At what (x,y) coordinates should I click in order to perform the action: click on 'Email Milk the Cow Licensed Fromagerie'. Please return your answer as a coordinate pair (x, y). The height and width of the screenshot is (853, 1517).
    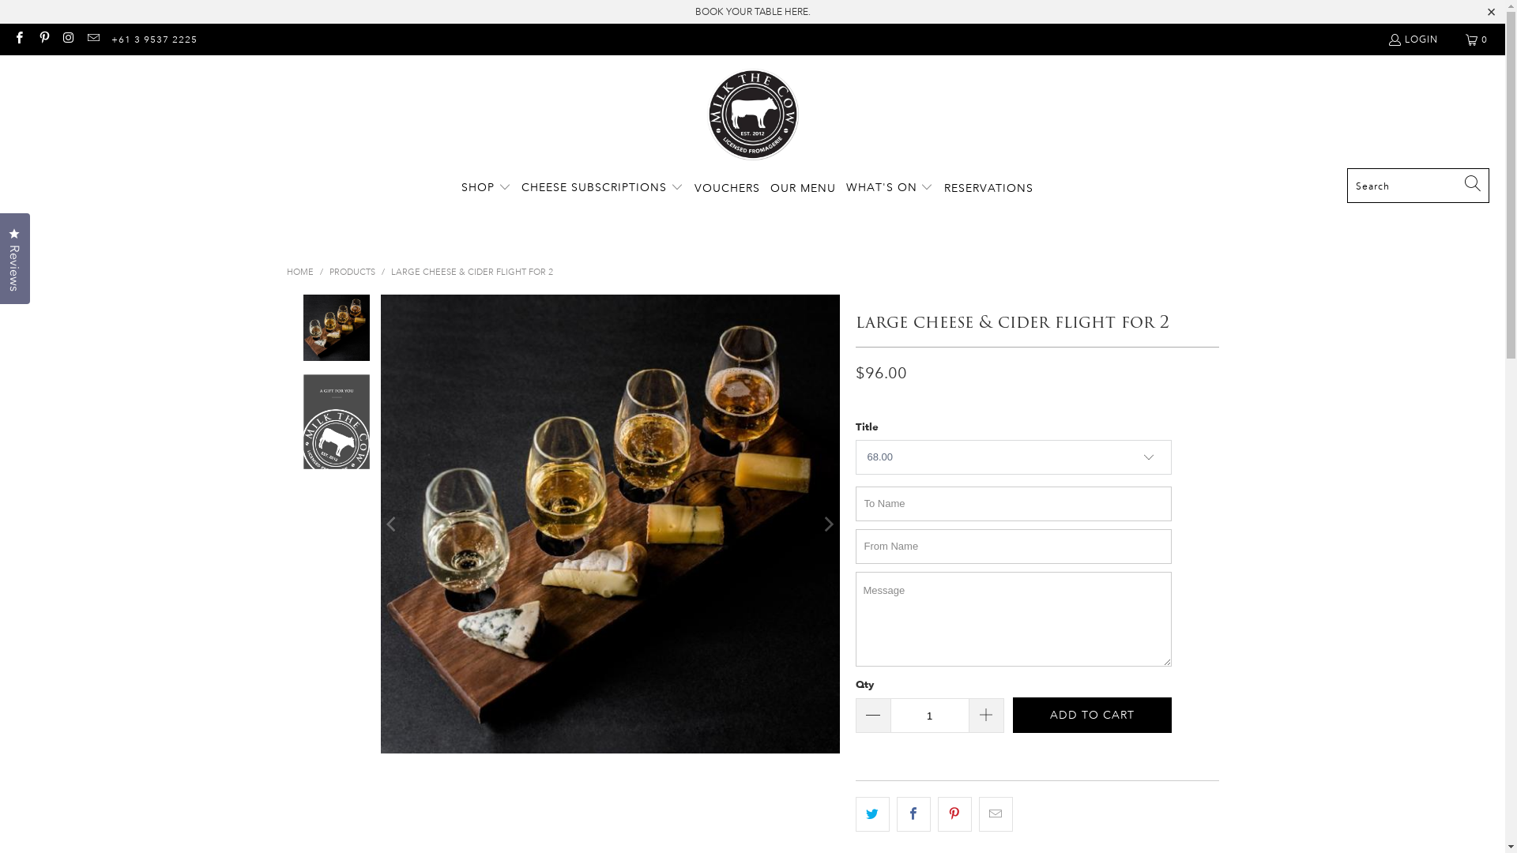
    Looking at the image, I should click on (92, 38).